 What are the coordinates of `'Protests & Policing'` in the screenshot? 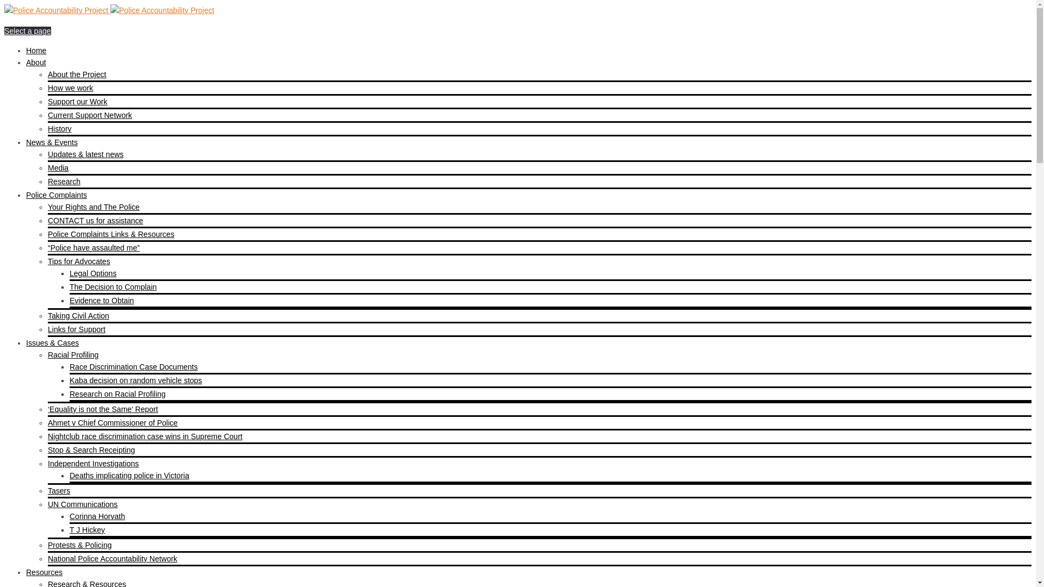 It's located at (79, 545).